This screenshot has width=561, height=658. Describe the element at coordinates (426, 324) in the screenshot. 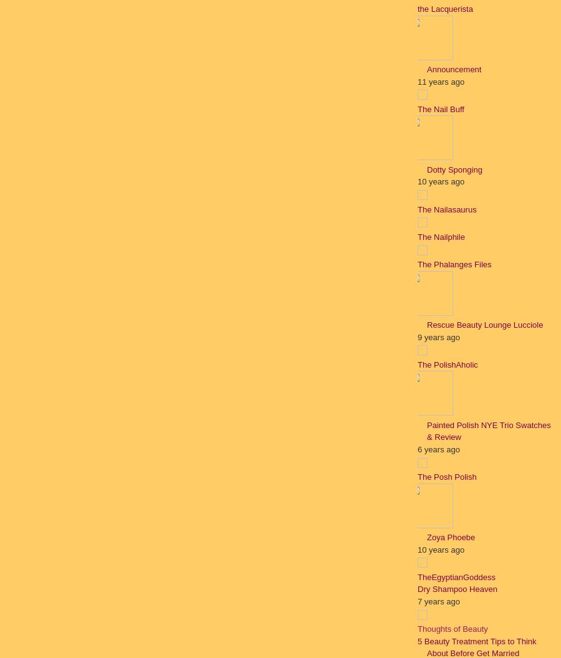

I see `'Rescue Beauty Lounge Lucciole'` at that location.